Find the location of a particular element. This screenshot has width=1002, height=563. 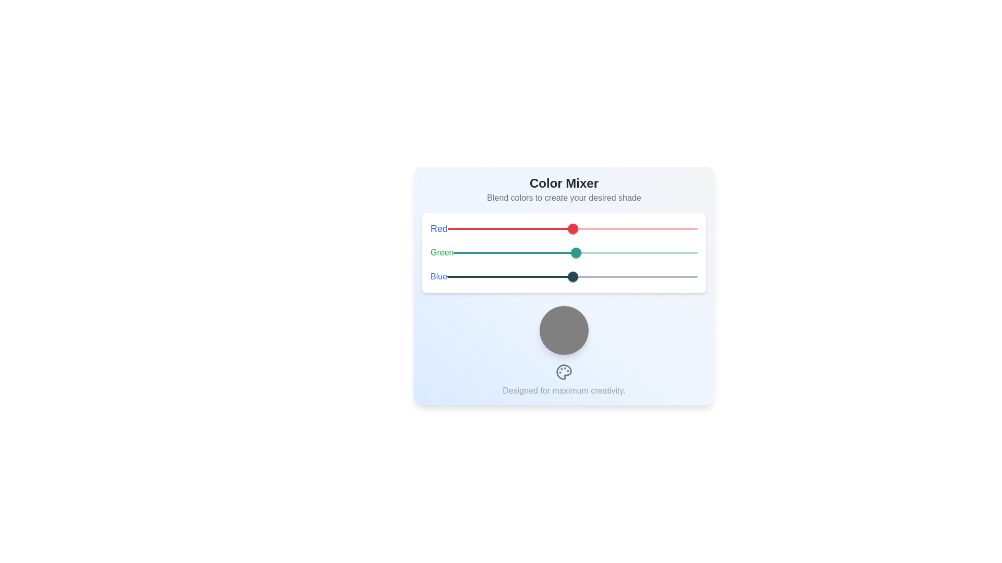

the green component slider is located at coordinates (563, 253).